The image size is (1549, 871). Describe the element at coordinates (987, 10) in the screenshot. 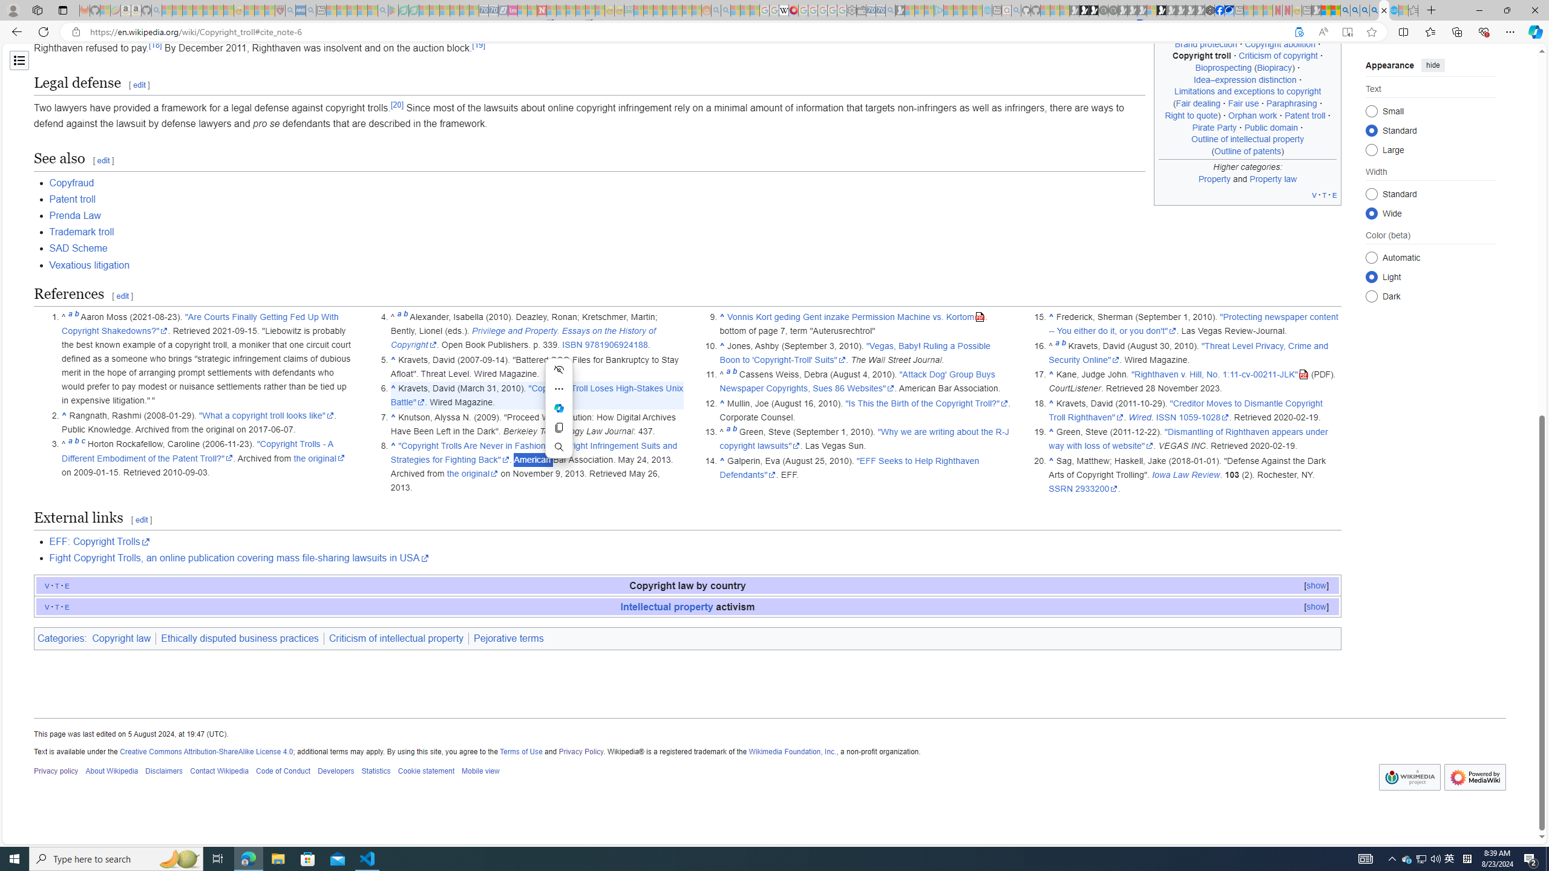

I see `'Home | Sky Blue Bikes - Sky Blue Bikes - Sleeping'` at that location.